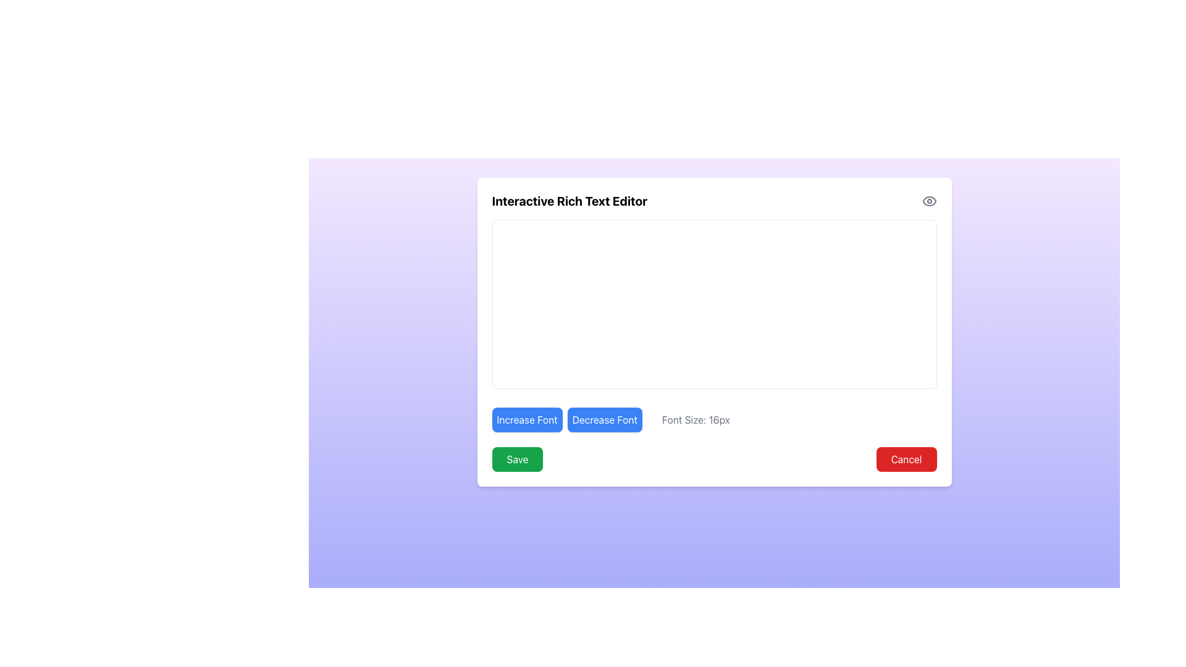 Image resolution: width=1186 pixels, height=667 pixels. I want to click on the 'Decrease Font' button to decrease the font size in the adjacent text editor, so click(605, 419).